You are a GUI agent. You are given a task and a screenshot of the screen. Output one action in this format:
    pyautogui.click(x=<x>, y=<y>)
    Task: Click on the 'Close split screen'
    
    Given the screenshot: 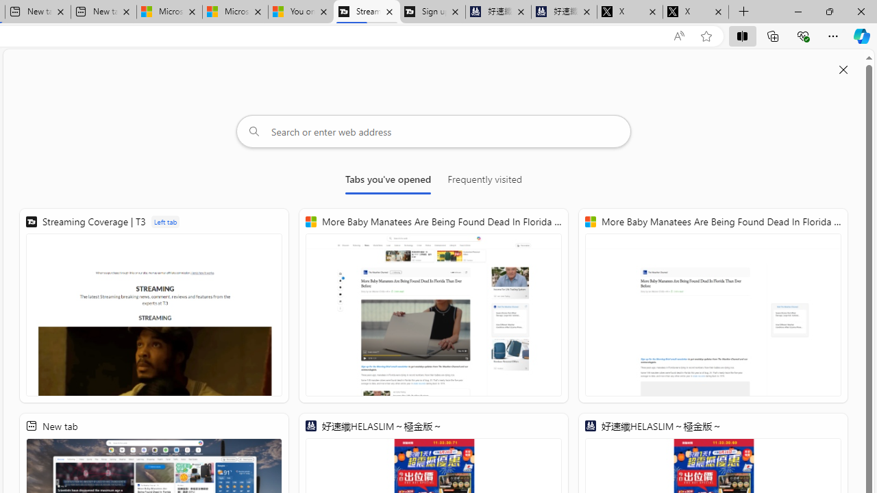 What is the action you would take?
    pyautogui.click(x=843, y=70)
    